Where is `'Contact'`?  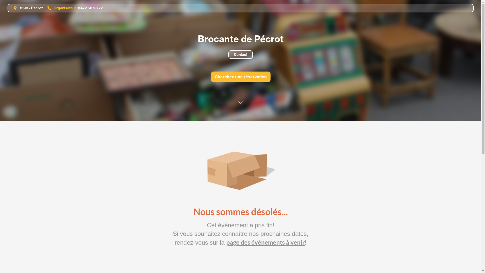 'Contact' is located at coordinates (240, 55).